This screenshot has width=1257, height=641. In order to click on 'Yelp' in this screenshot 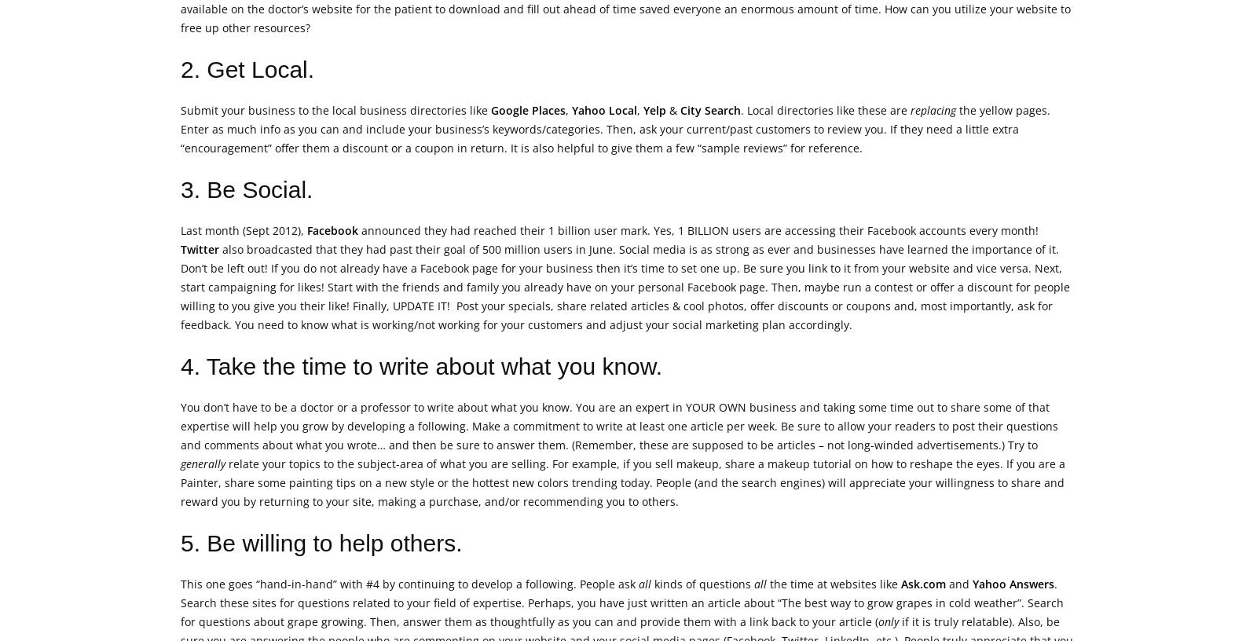, I will do `click(654, 110)`.